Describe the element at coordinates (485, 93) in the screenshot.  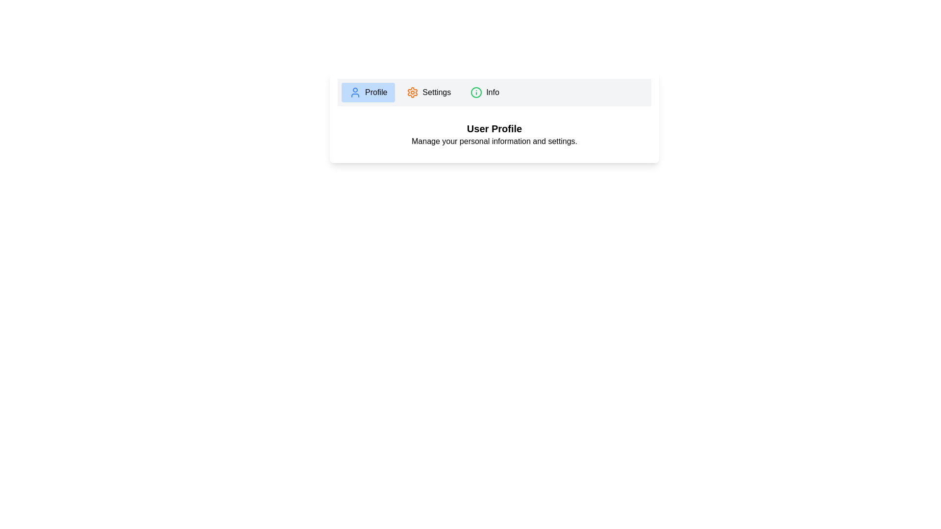
I see `the tab labeled Info to observe its hover effect` at that location.